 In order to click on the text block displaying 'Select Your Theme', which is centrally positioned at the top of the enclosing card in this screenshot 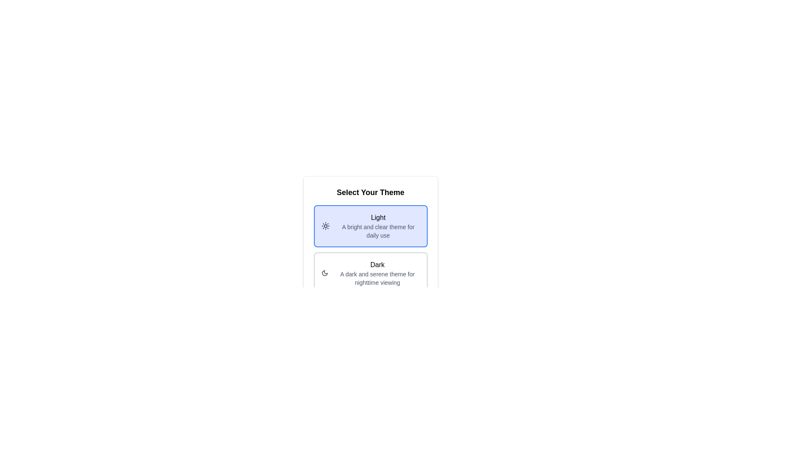, I will do `click(370, 192)`.